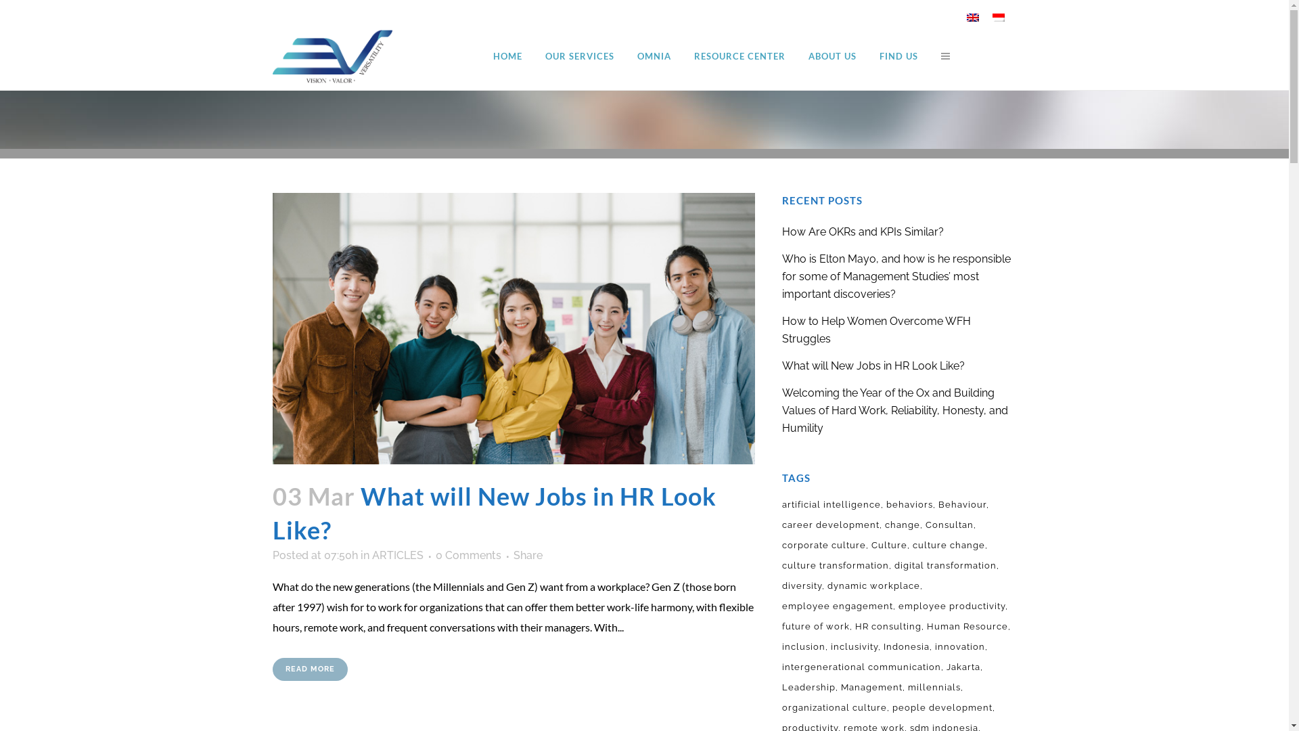  Describe the element at coordinates (875, 585) in the screenshot. I see `'dynamic workplace'` at that location.